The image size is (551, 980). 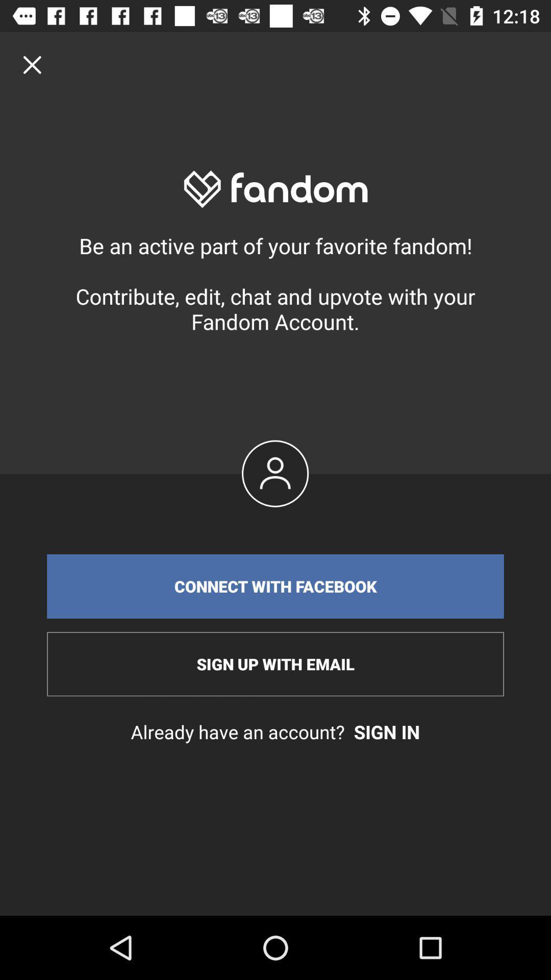 I want to click on the close icon, so click(x=32, y=64).